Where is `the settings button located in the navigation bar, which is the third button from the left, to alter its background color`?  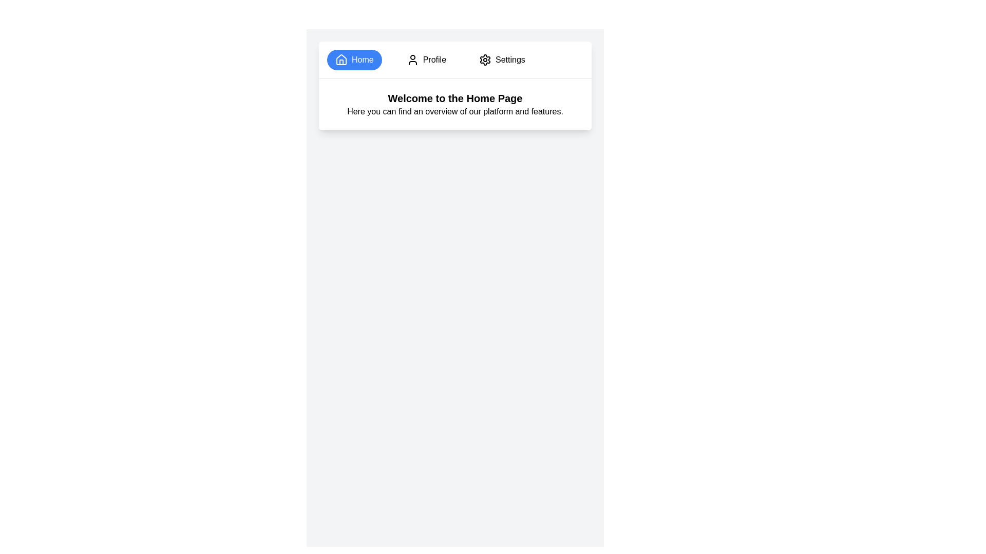
the settings button located in the navigation bar, which is the third button from the left, to alter its background color is located at coordinates (502, 60).